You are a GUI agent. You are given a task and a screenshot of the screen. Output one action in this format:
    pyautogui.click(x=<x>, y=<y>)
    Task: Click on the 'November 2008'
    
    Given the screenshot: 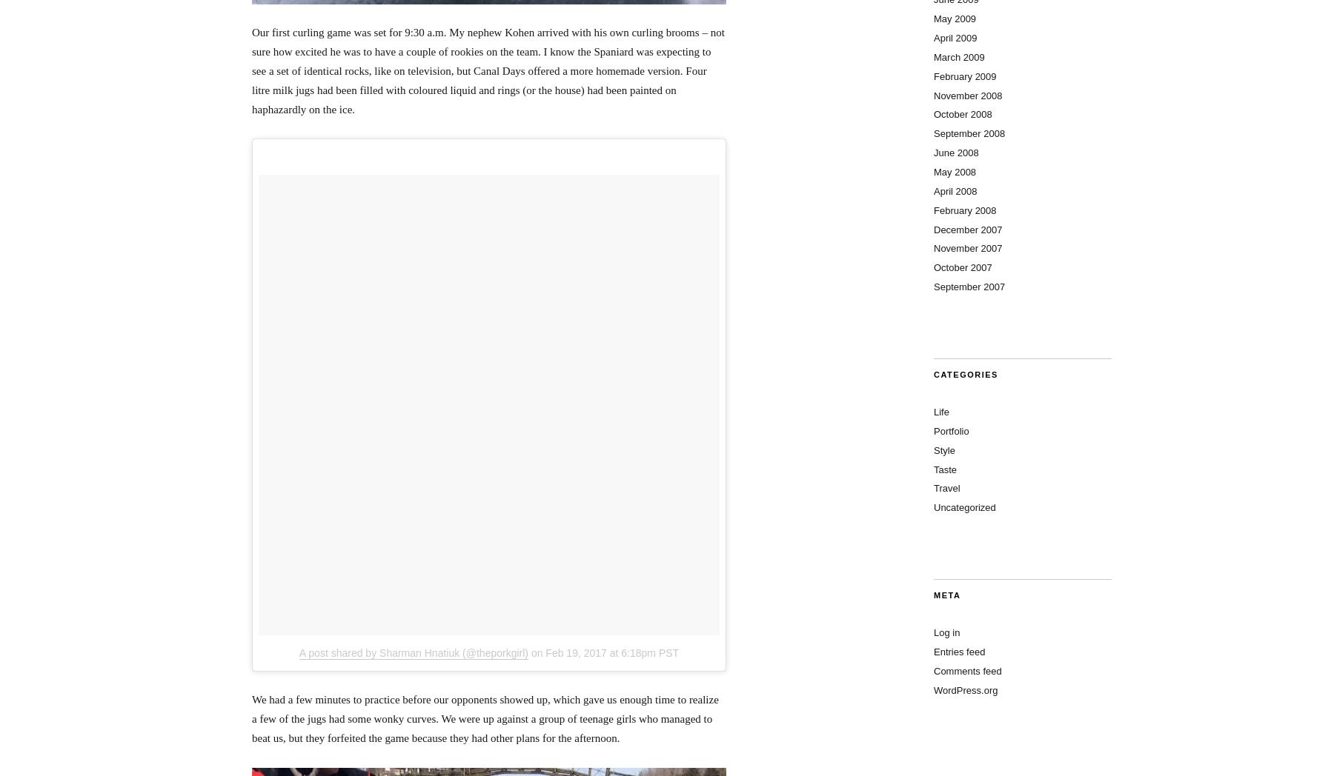 What is the action you would take?
    pyautogui.click(x=968, y=94)
    